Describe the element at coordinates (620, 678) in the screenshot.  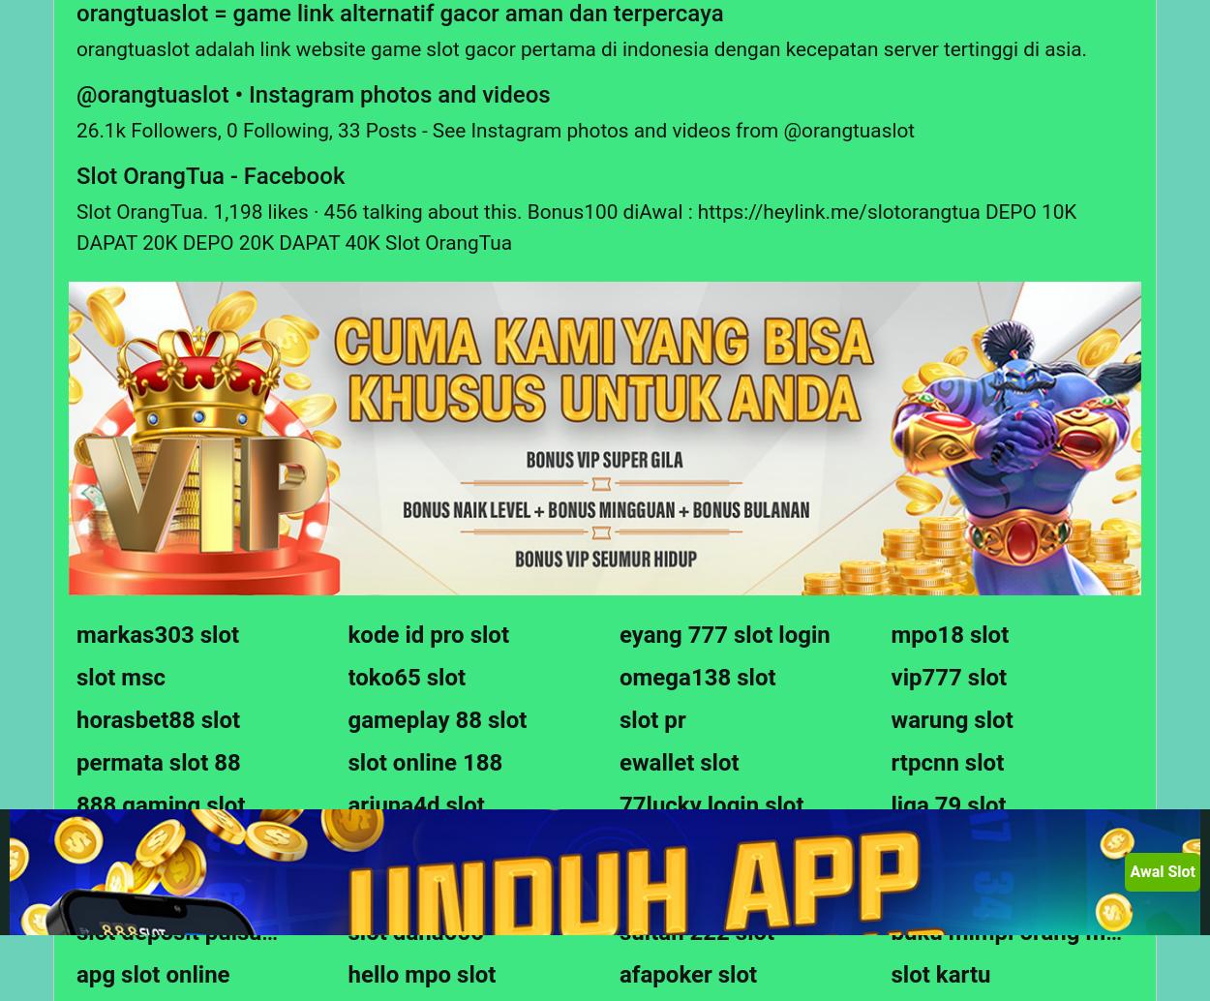
I see `'omega138 slot'` at that location.